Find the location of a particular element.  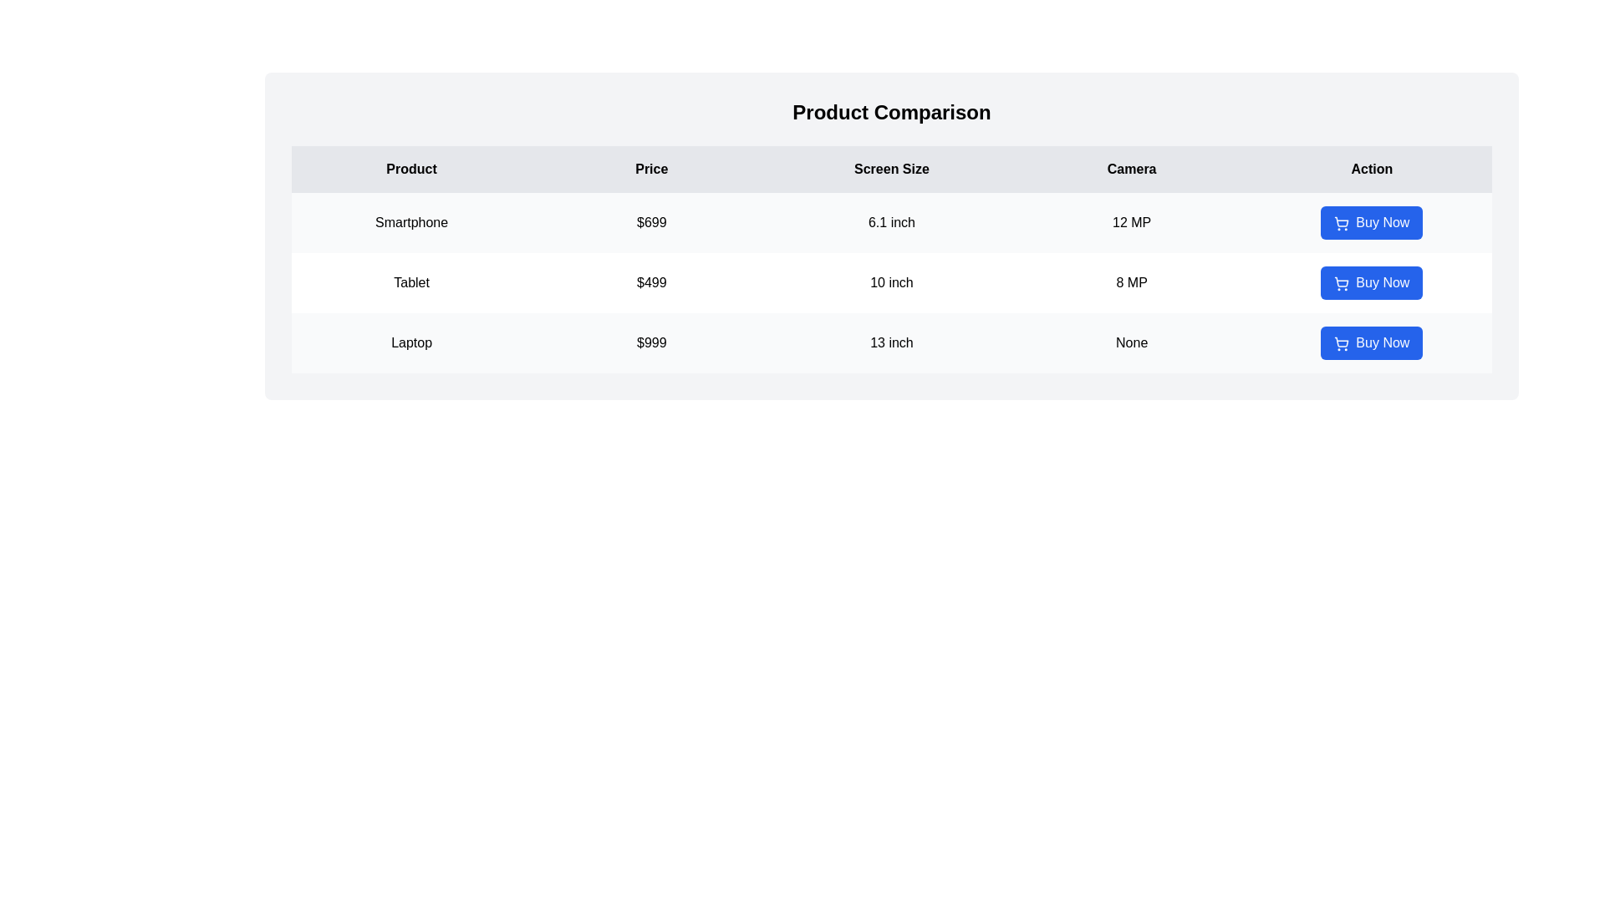

the row corresponding to Laptop for comparison is located at coordinates (890, 342).